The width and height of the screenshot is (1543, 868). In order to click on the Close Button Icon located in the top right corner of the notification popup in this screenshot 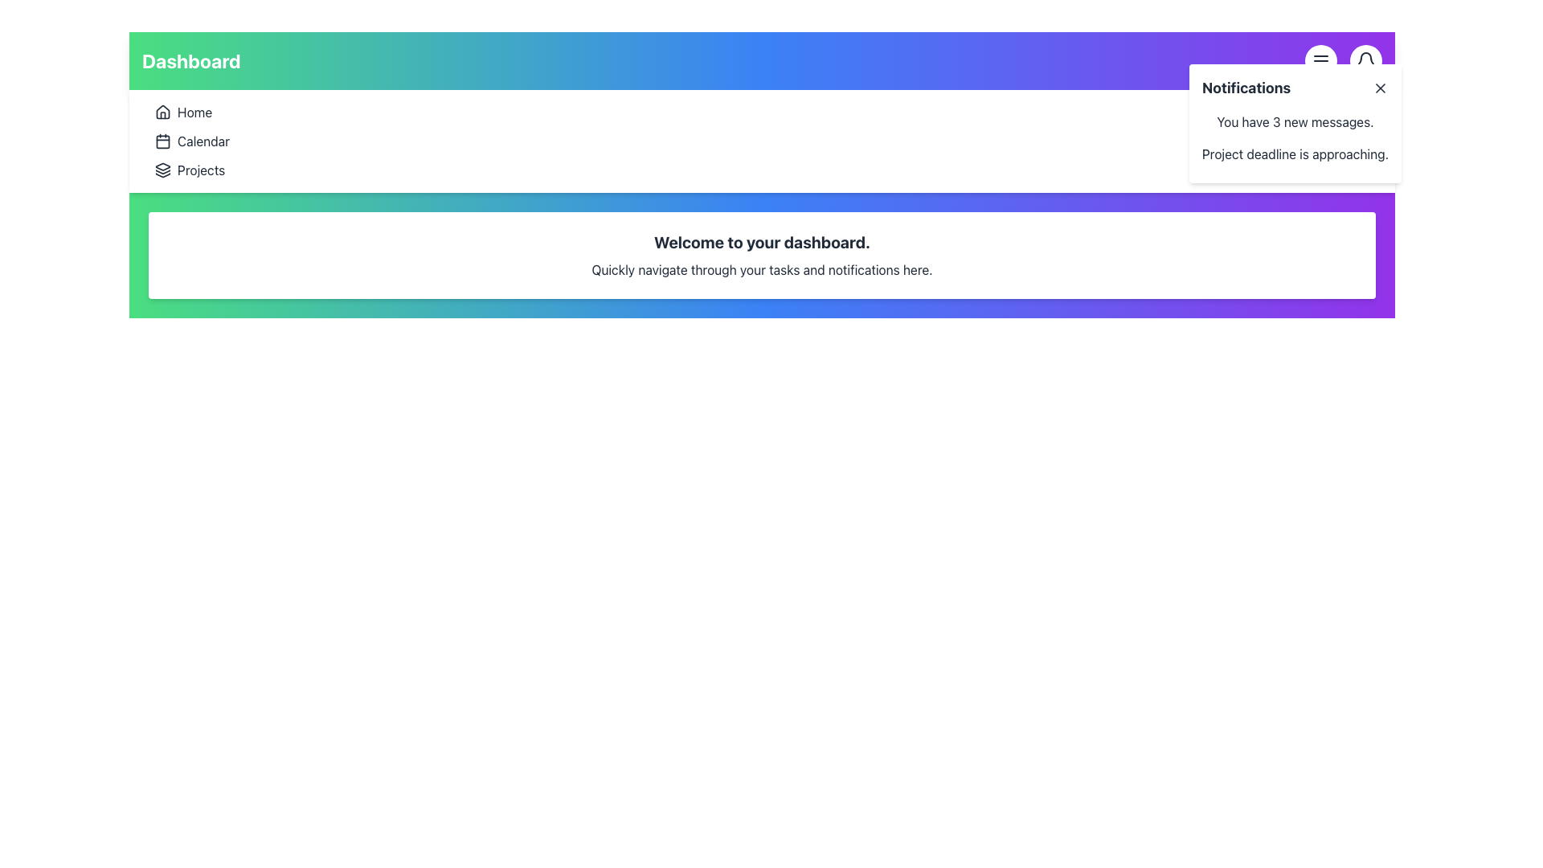, I will do `click(1380, 88)`.